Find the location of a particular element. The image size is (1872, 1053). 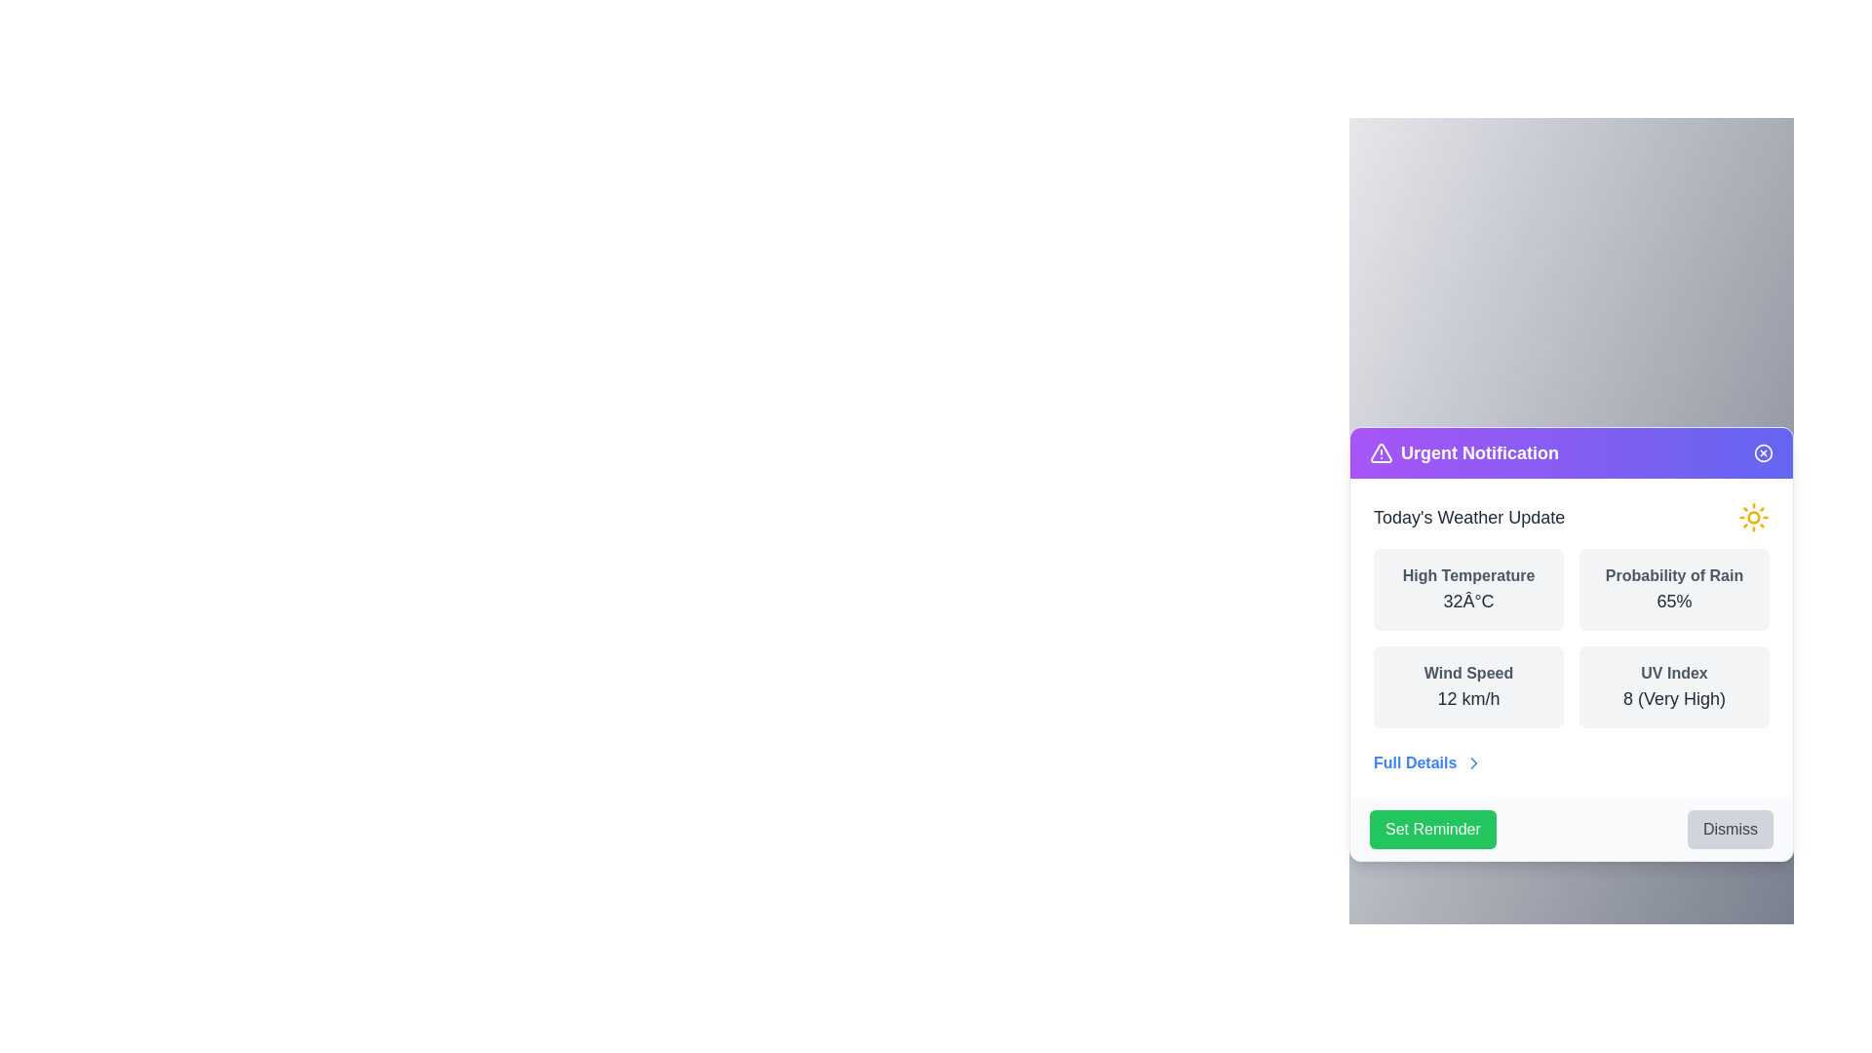

the notification text in the Notification header bar, which displays 'Urgent Notification' in bold white font is located at coordinates (1572, 453).